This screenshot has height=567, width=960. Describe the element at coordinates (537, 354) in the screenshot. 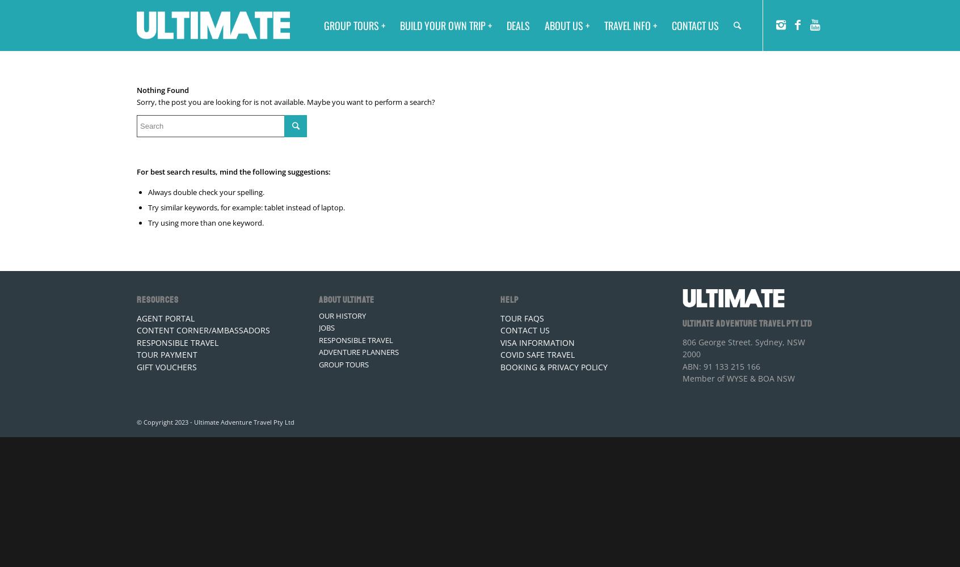

I see `'COVID SAFE TRAVEL'` at that location.